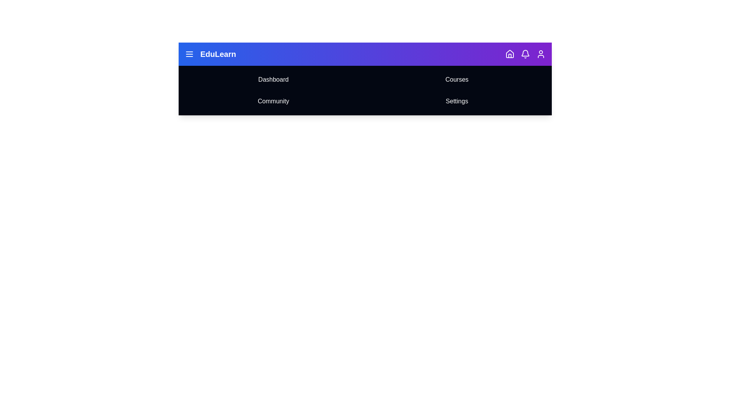 The width and height of the screenshot is (744, 418). I want to click on the Courses navigation icon to navigate to the respective section, so click(457, 79).